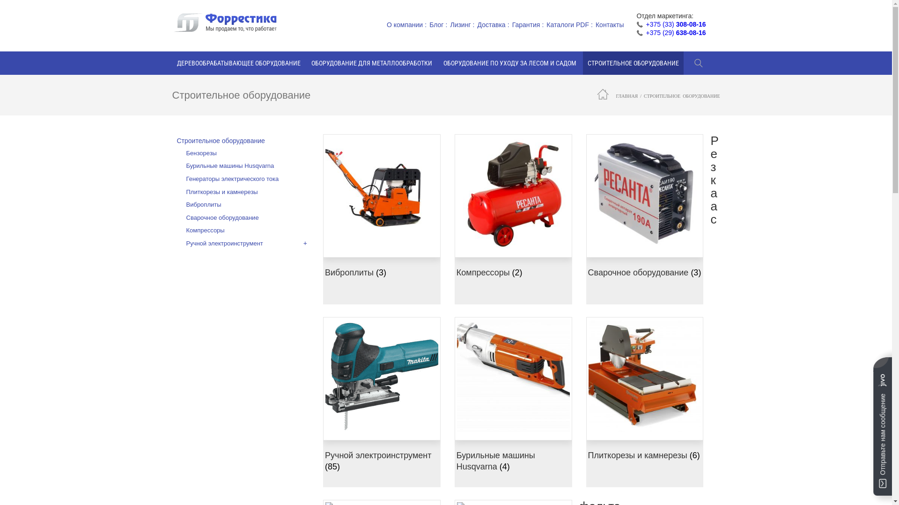  What do you see at coordinates (645, 32) in the screenshot?
I see `'+375 (29) 638-08-16'` at bounding box center [645, 32].